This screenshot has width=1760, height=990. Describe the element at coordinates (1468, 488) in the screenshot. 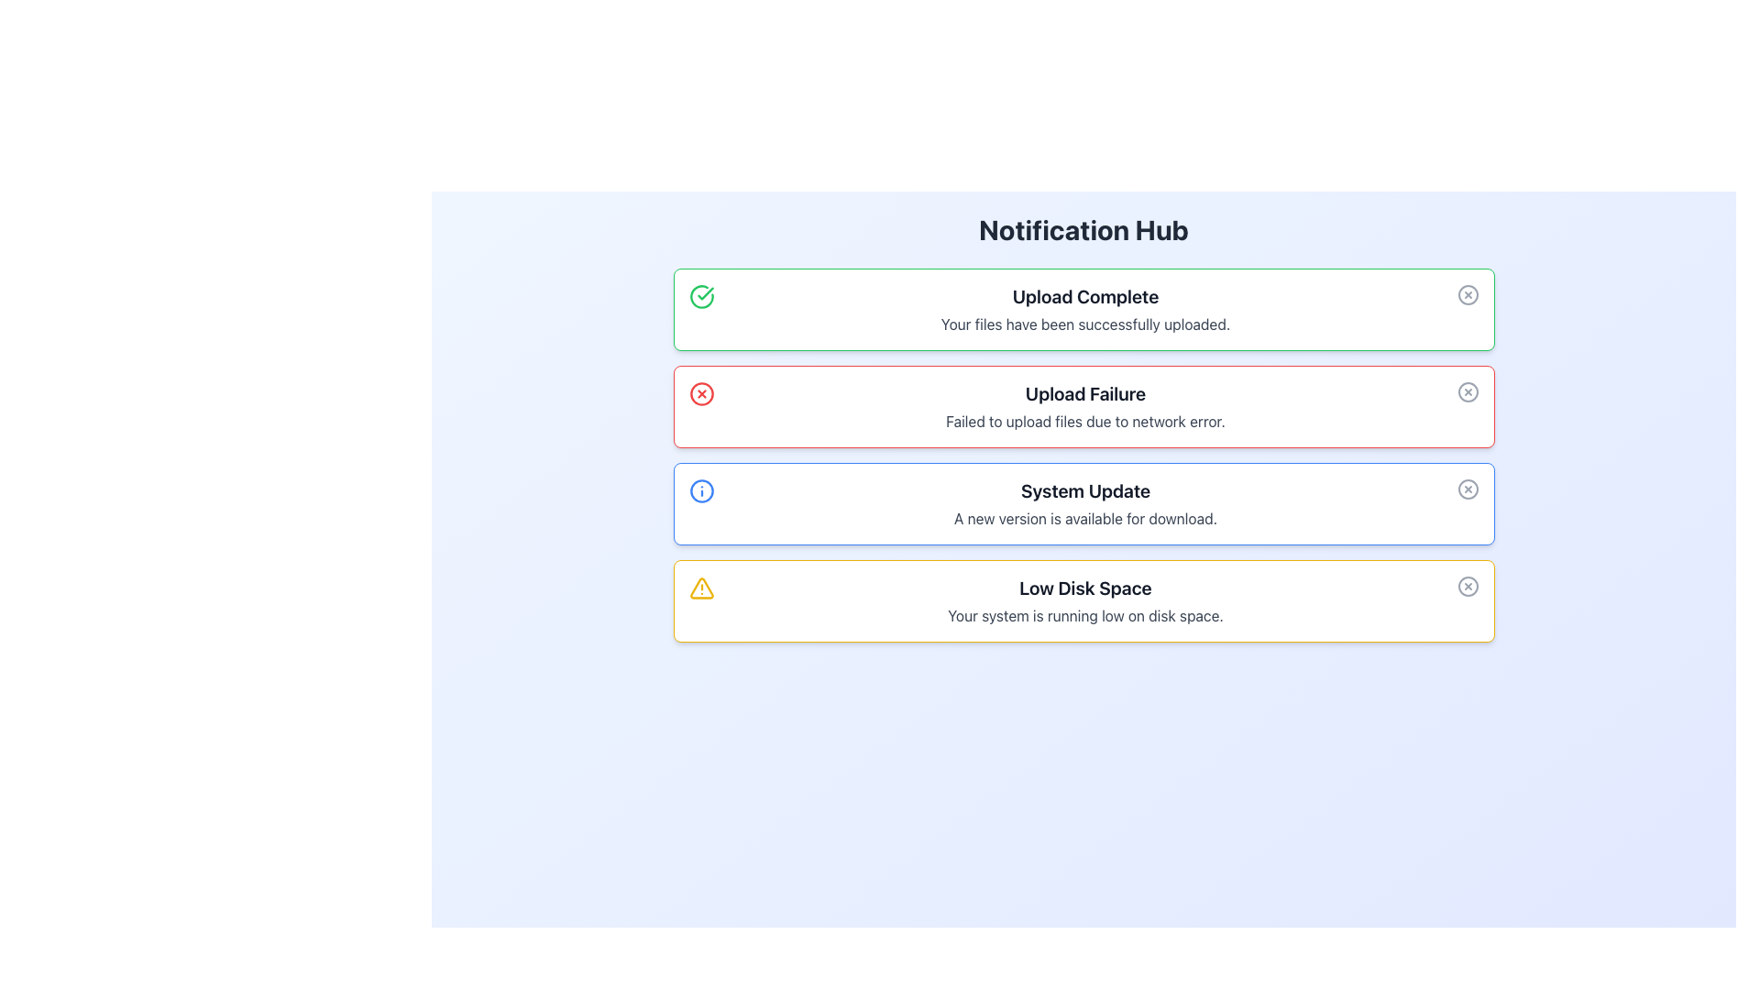

I see `the close button of the 'System Update' notification box to change its appearance` at that location.